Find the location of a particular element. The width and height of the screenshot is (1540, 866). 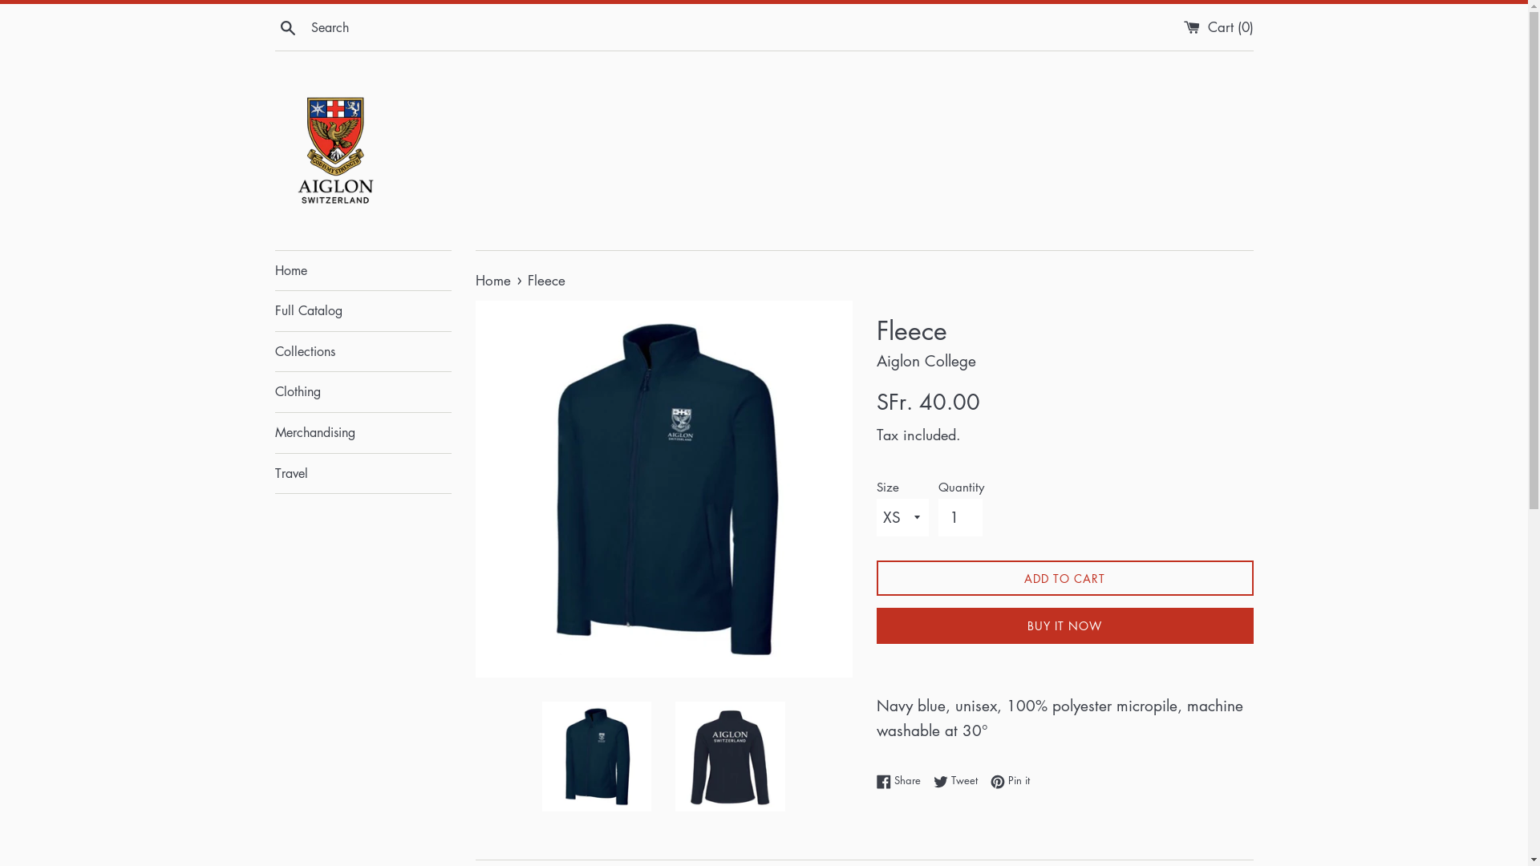

'ADD TO CART' is located at coordinates (1064, 578).